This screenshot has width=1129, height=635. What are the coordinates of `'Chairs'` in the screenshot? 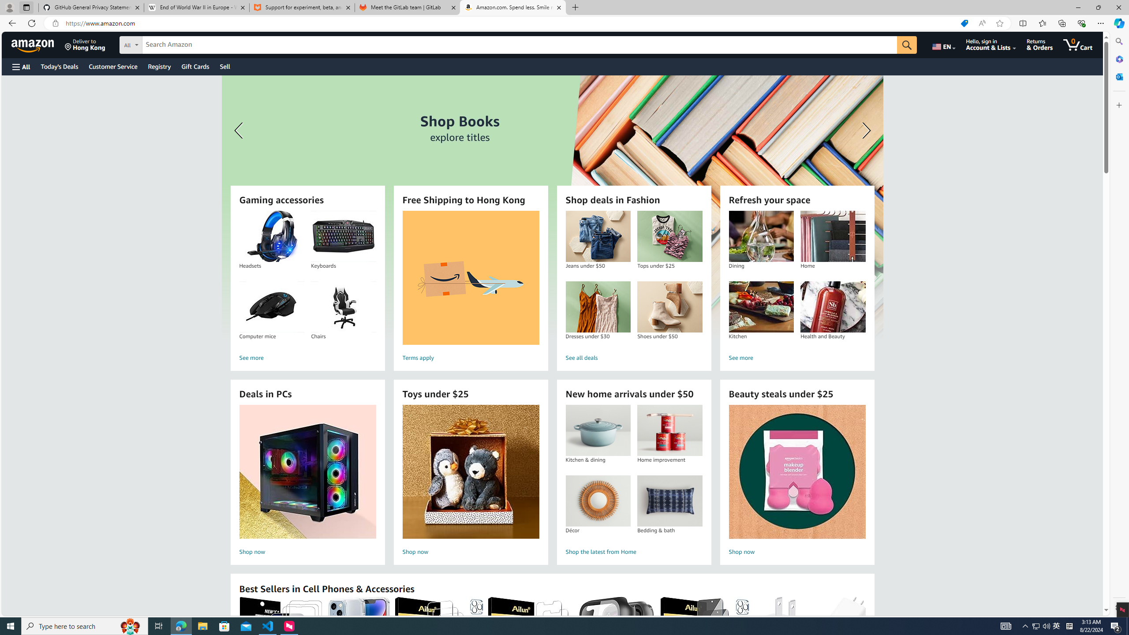 It's located at (343, 307).